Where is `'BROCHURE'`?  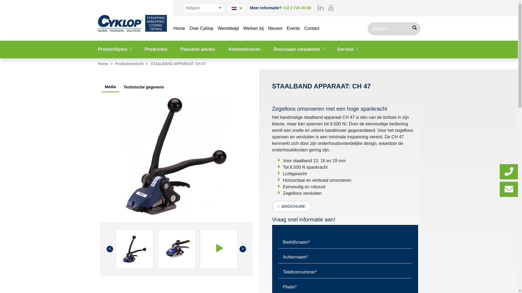
'BROCHURE' is located at coordinates (272, 206).